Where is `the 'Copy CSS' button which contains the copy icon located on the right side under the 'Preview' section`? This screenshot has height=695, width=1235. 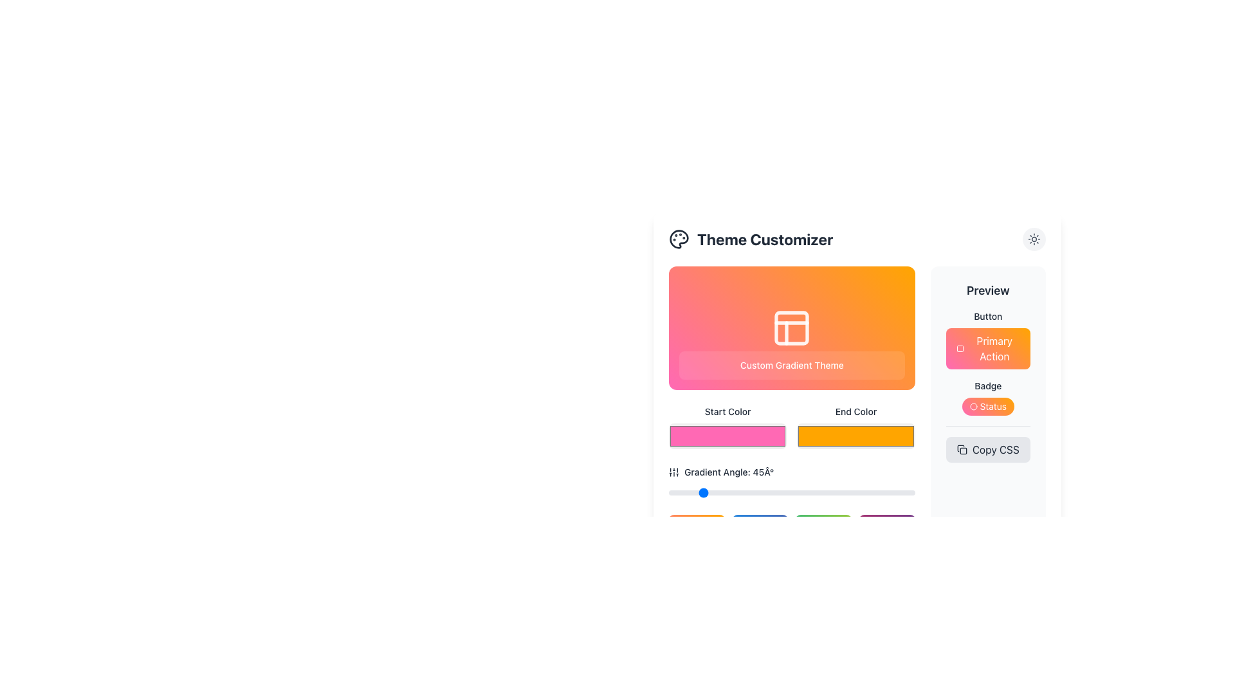
the 'Copy CSS' button which contains the copy icon located on the right side under the 'Preview' section is located at coordinates (962, 449).